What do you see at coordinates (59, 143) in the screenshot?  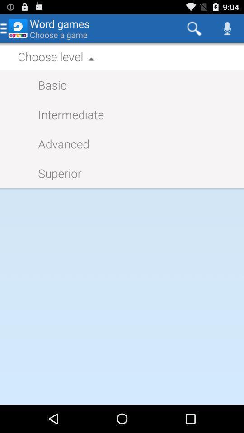 I see `the item below intermediate item` at bounding box center [59, 143].